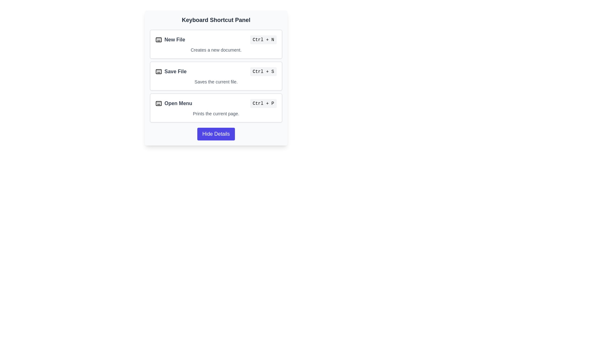  What do you see at coordinates (174, 103) in the screenshot?
I see `associated keyboard shortcut displayed in the Text with Icon element located in the Keyboard Shortcut Panel, specifically the shortcut 'Ctrl + P' which is on the third row after 'New File' and 'Save File'` at bounding box center [174, 103].